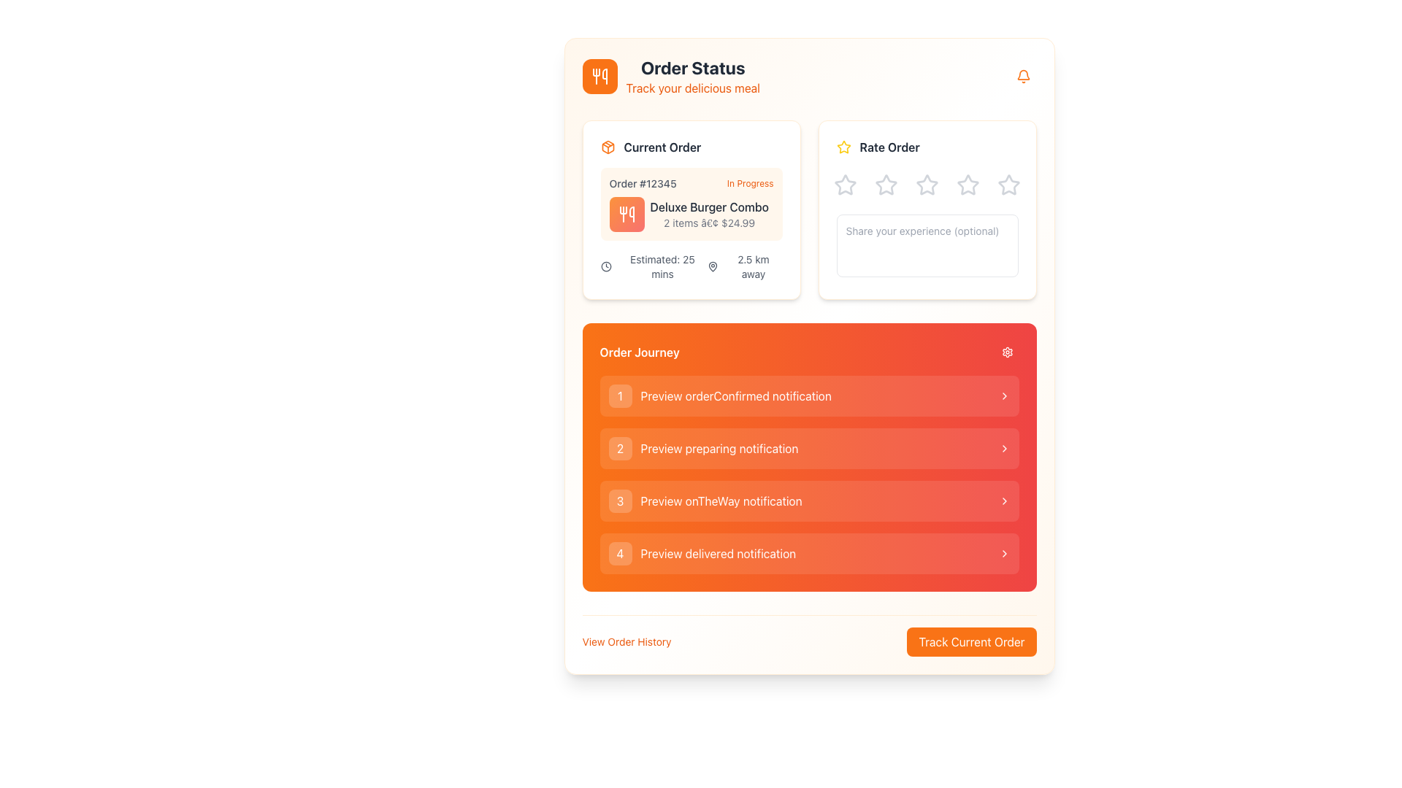 The height and width of the screenshot is (788, 1402). I want to click on details about the order item displayed in the 'Current Order' section, specifically the text element located below the order heading 'Order #12345' and 'In Progress', next to the orange utensil icon, so click(690, 214).